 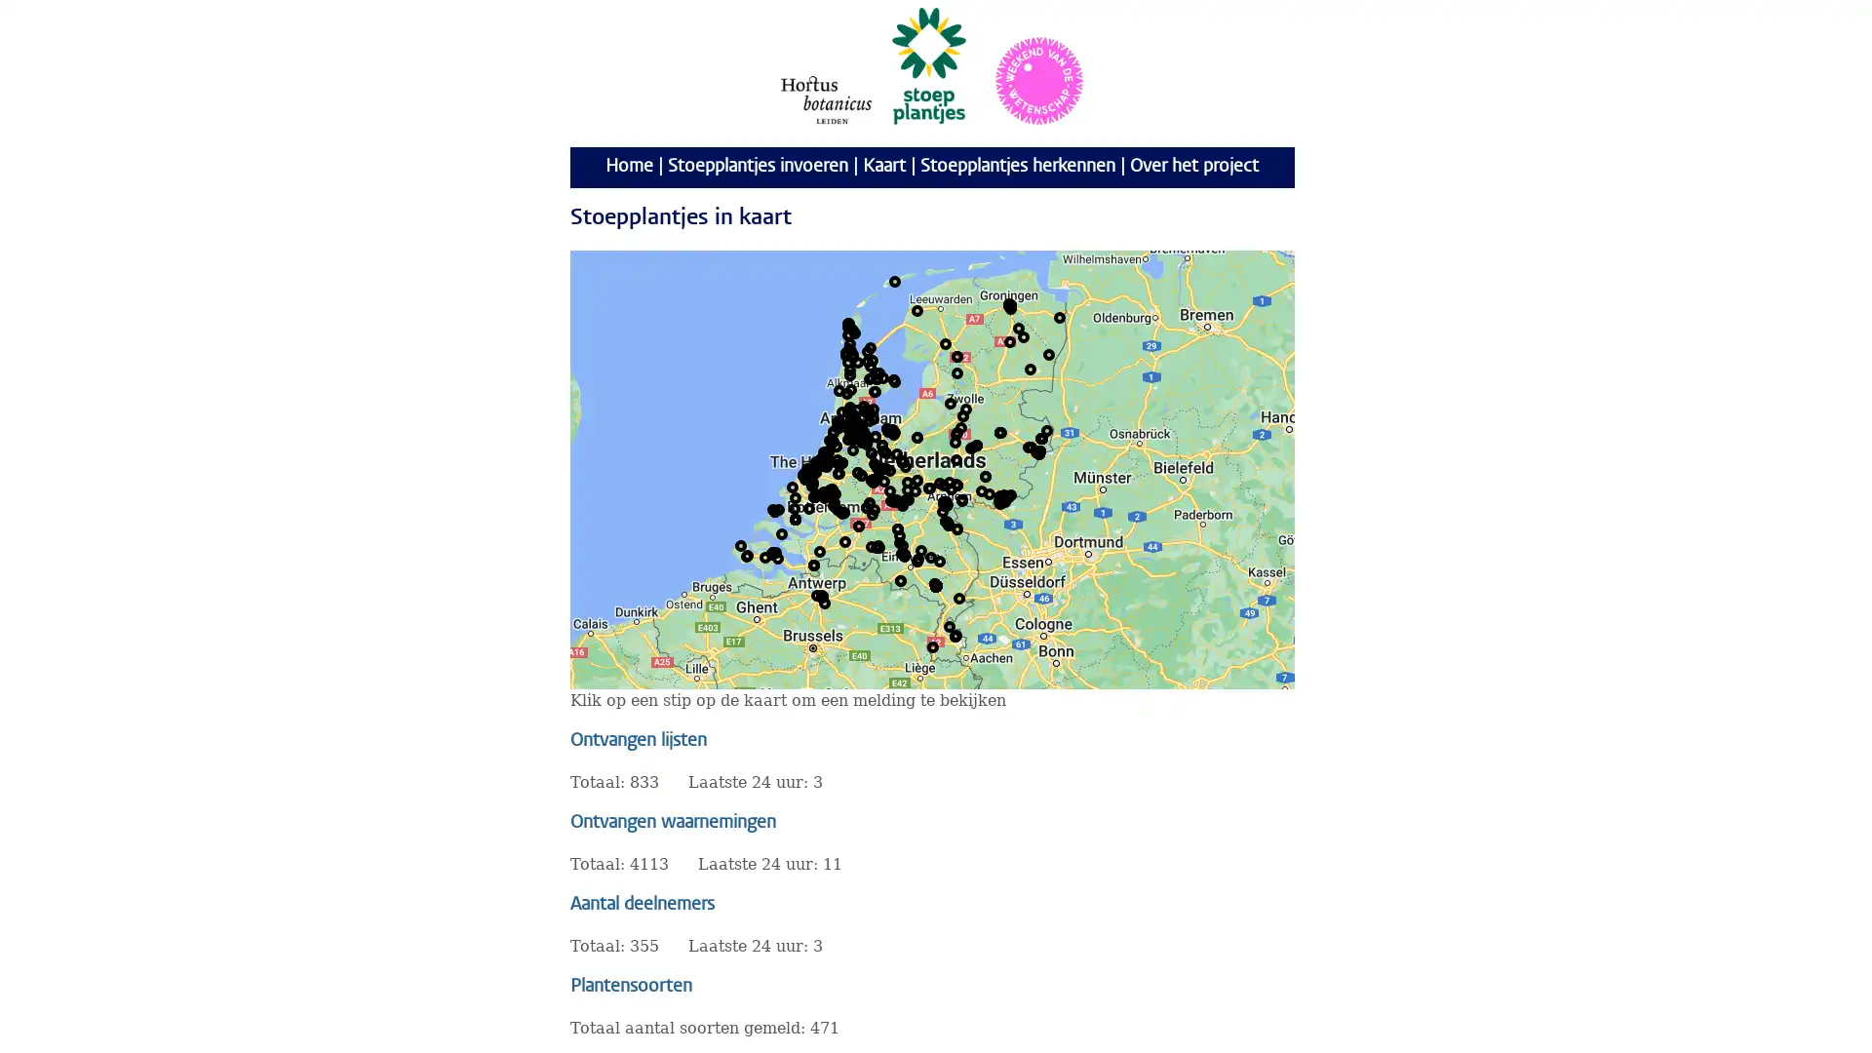 I want to click on Telling van Ilse op 09 mei 2022, so click(x=884, y=467).